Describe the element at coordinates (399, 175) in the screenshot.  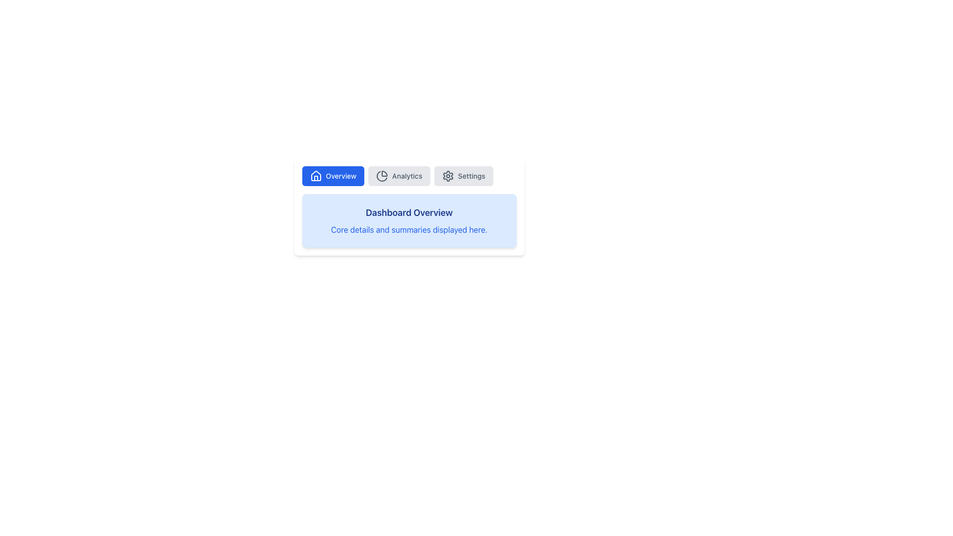
I see `the 'Analytics' button, which is the second button in a horizontal group of three, located between 'Overview' and 'Settings'` at that location.